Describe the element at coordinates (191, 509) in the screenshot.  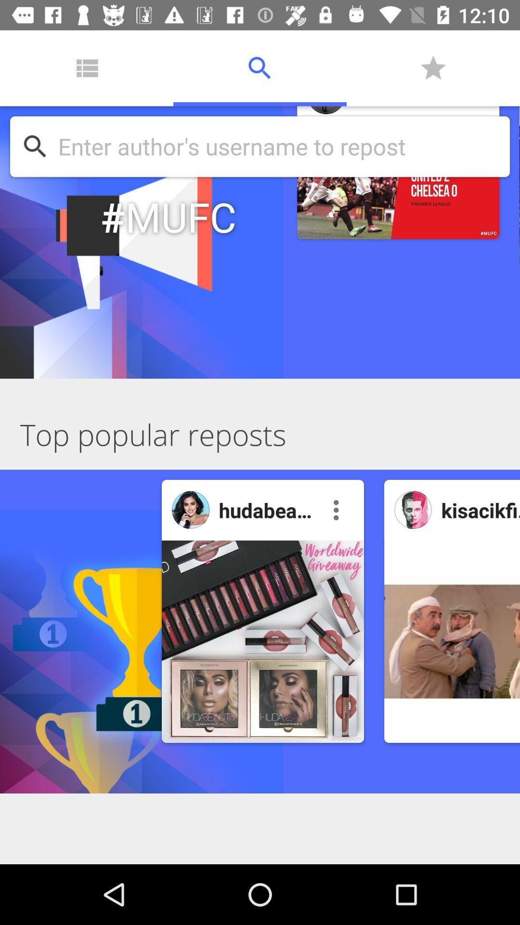
I see `profie image` at that location.